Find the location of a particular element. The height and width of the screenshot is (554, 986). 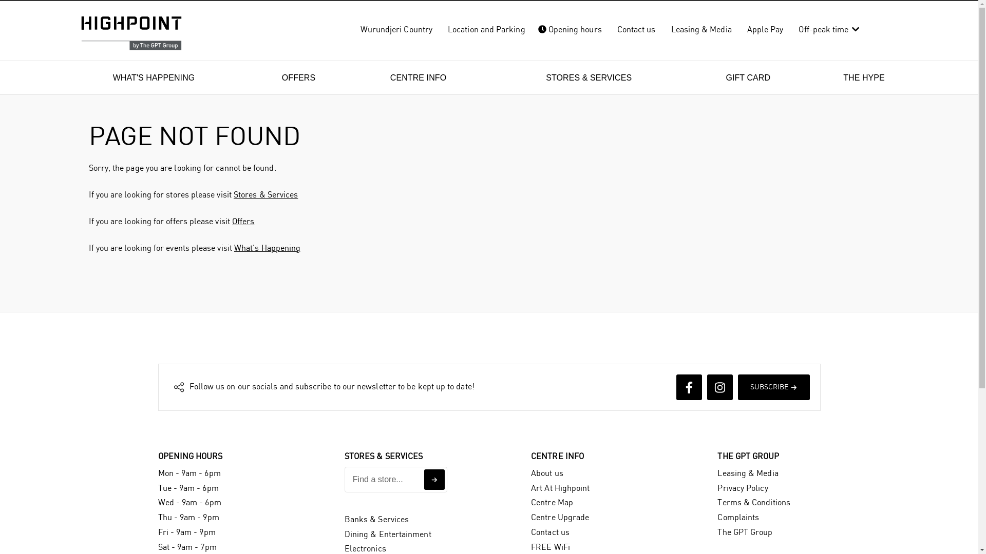

'OFFERS' is located at coordinates (298, 76).